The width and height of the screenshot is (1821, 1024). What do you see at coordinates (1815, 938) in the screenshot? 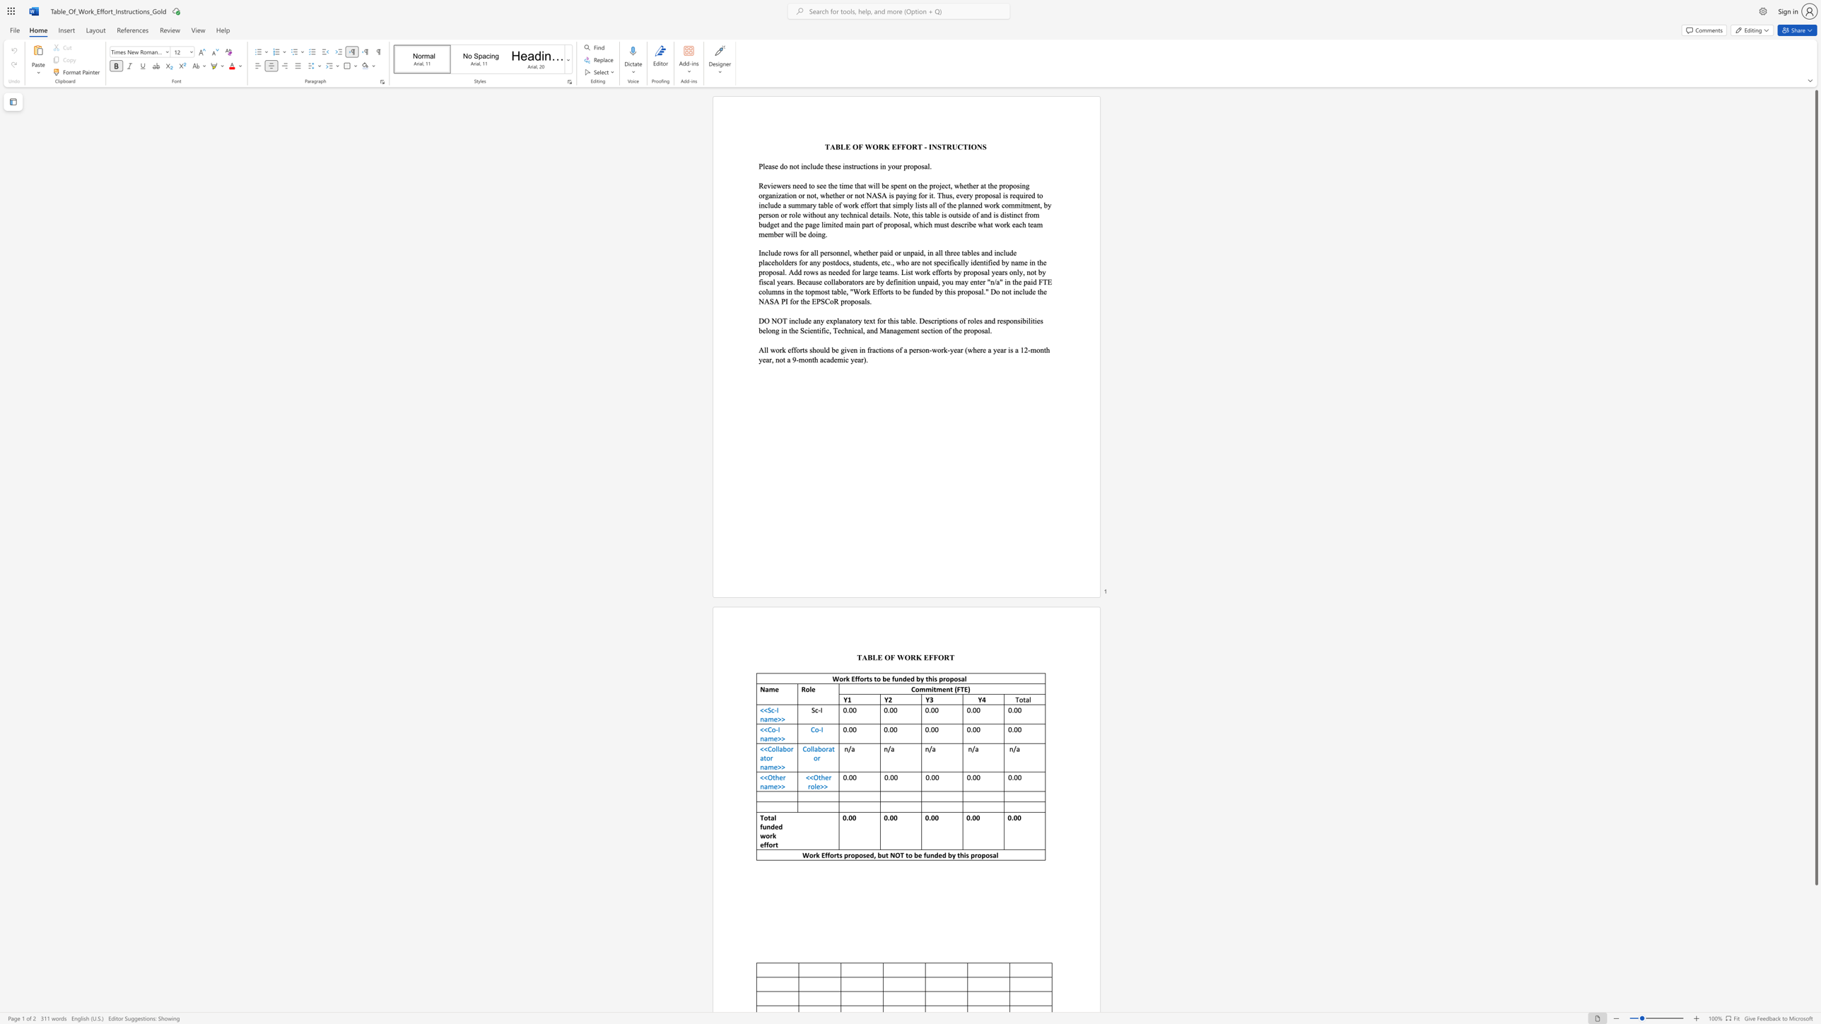
I see `the right-hand scrollbar to descend the page` at bounding box center [1815, 938].